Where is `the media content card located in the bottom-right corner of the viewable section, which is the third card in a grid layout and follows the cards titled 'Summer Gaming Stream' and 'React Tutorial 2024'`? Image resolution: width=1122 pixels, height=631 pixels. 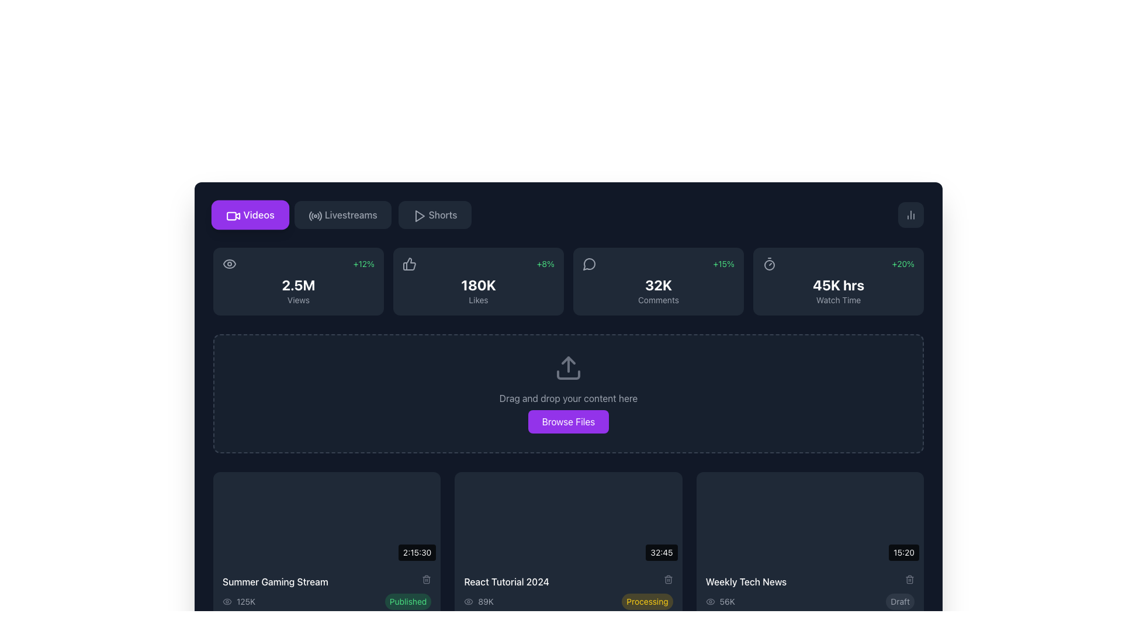
the media content card located in the bottom-right corner of the viewable section, which is the third card in a grid layout and follows the cards titled 'Summer Gaming Stream' and 'React Tutorial 2024' is located at coordinates (809, 545).